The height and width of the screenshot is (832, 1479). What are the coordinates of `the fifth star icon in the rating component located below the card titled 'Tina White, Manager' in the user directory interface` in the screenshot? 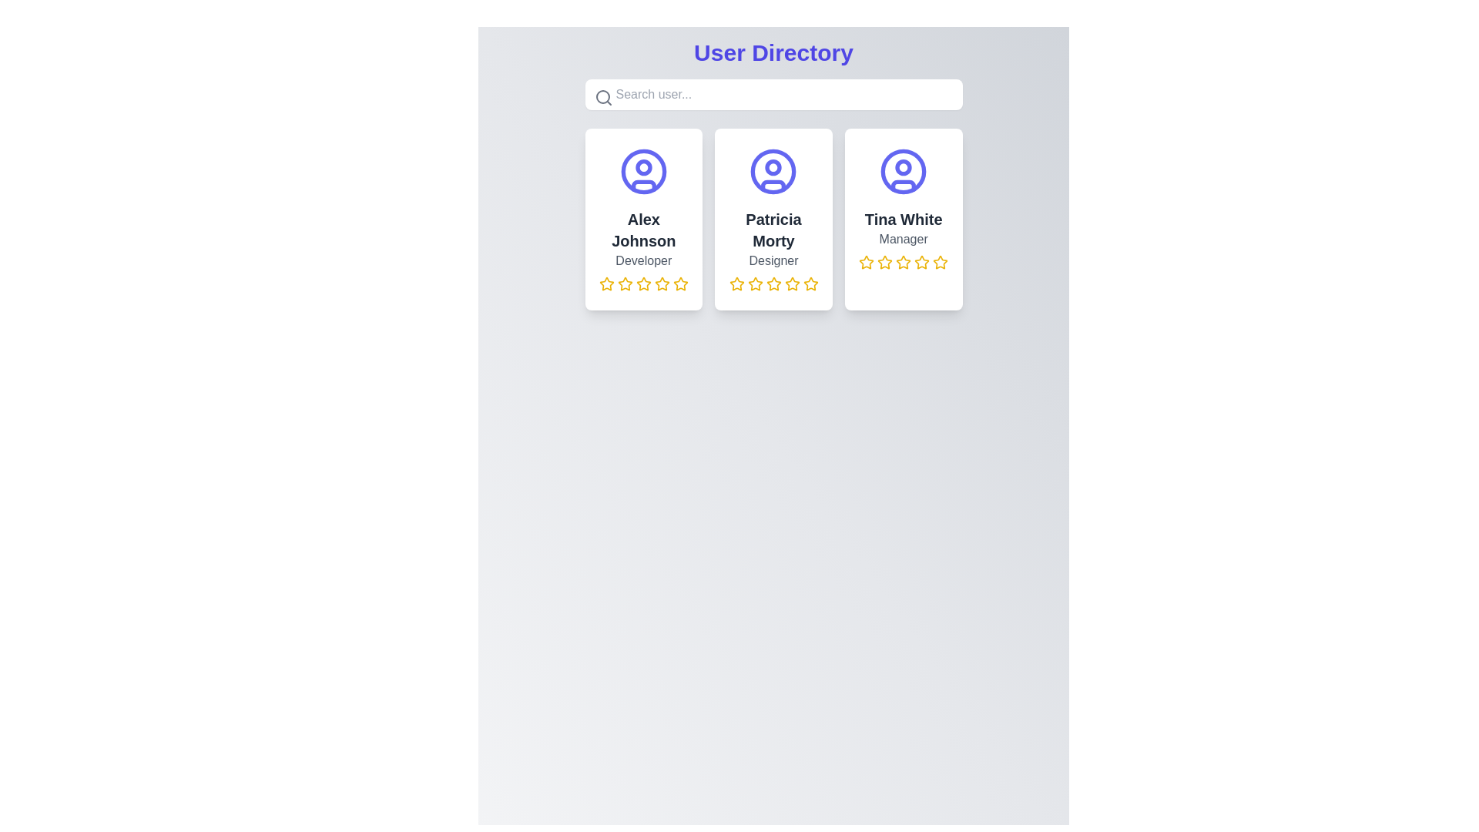 It's located at (922, 261).